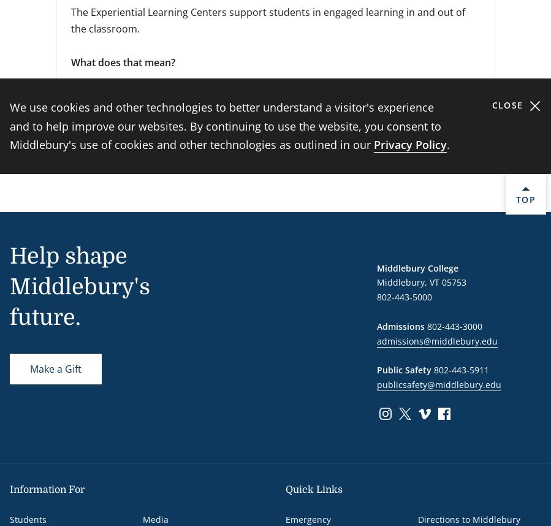 Image resolution: width=551 pixels, height=526 pixels. I want to click on 'Admissions', so click(400, 326).